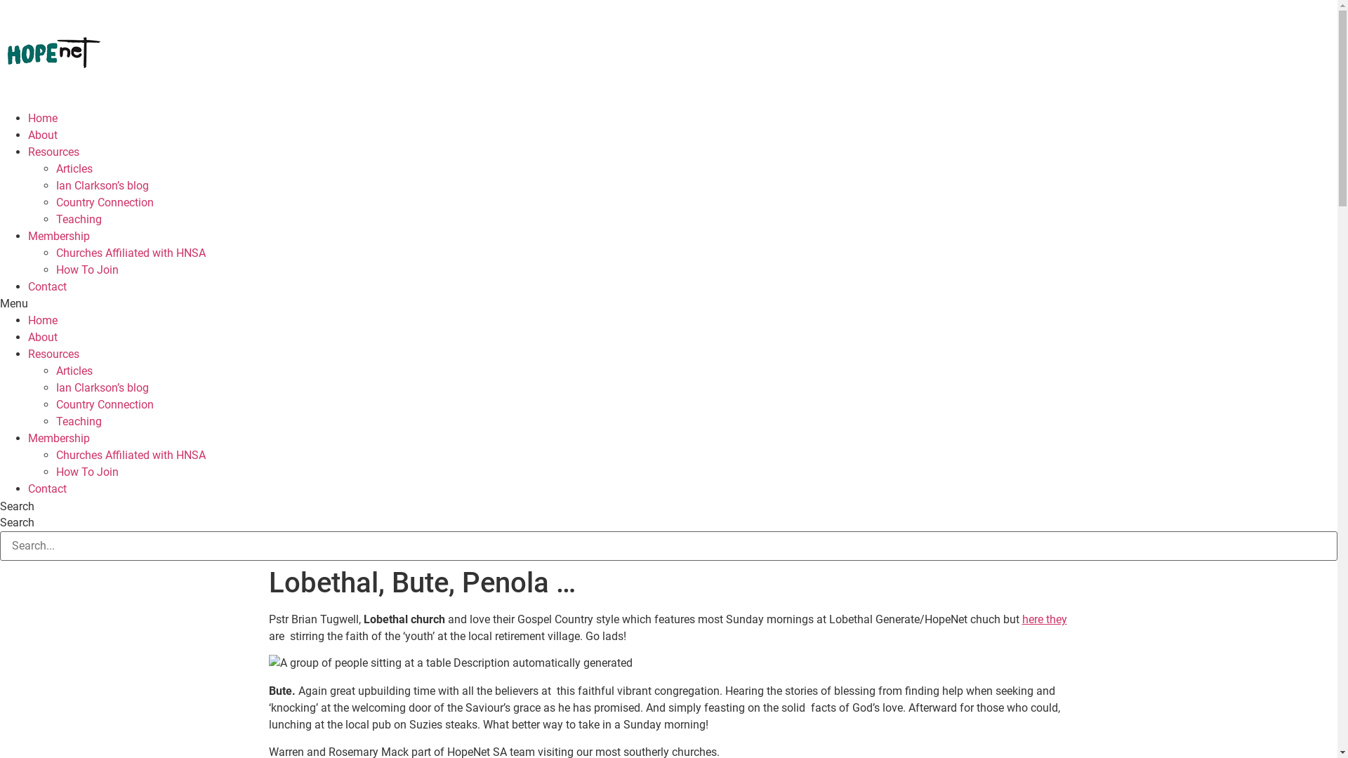 This screenshot has height=758, width=1348. What do you see at coordinates (43, 117) in the screenshot?
I see `'Home'` at bounding box center [43, 117].